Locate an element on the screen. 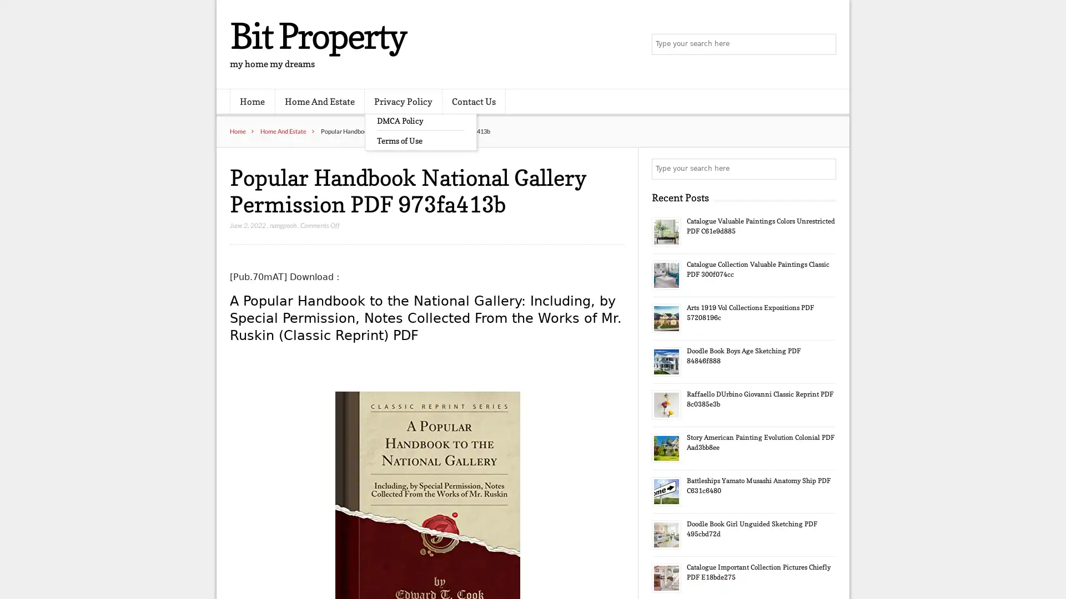  Search is located at coordinates (824, 169).